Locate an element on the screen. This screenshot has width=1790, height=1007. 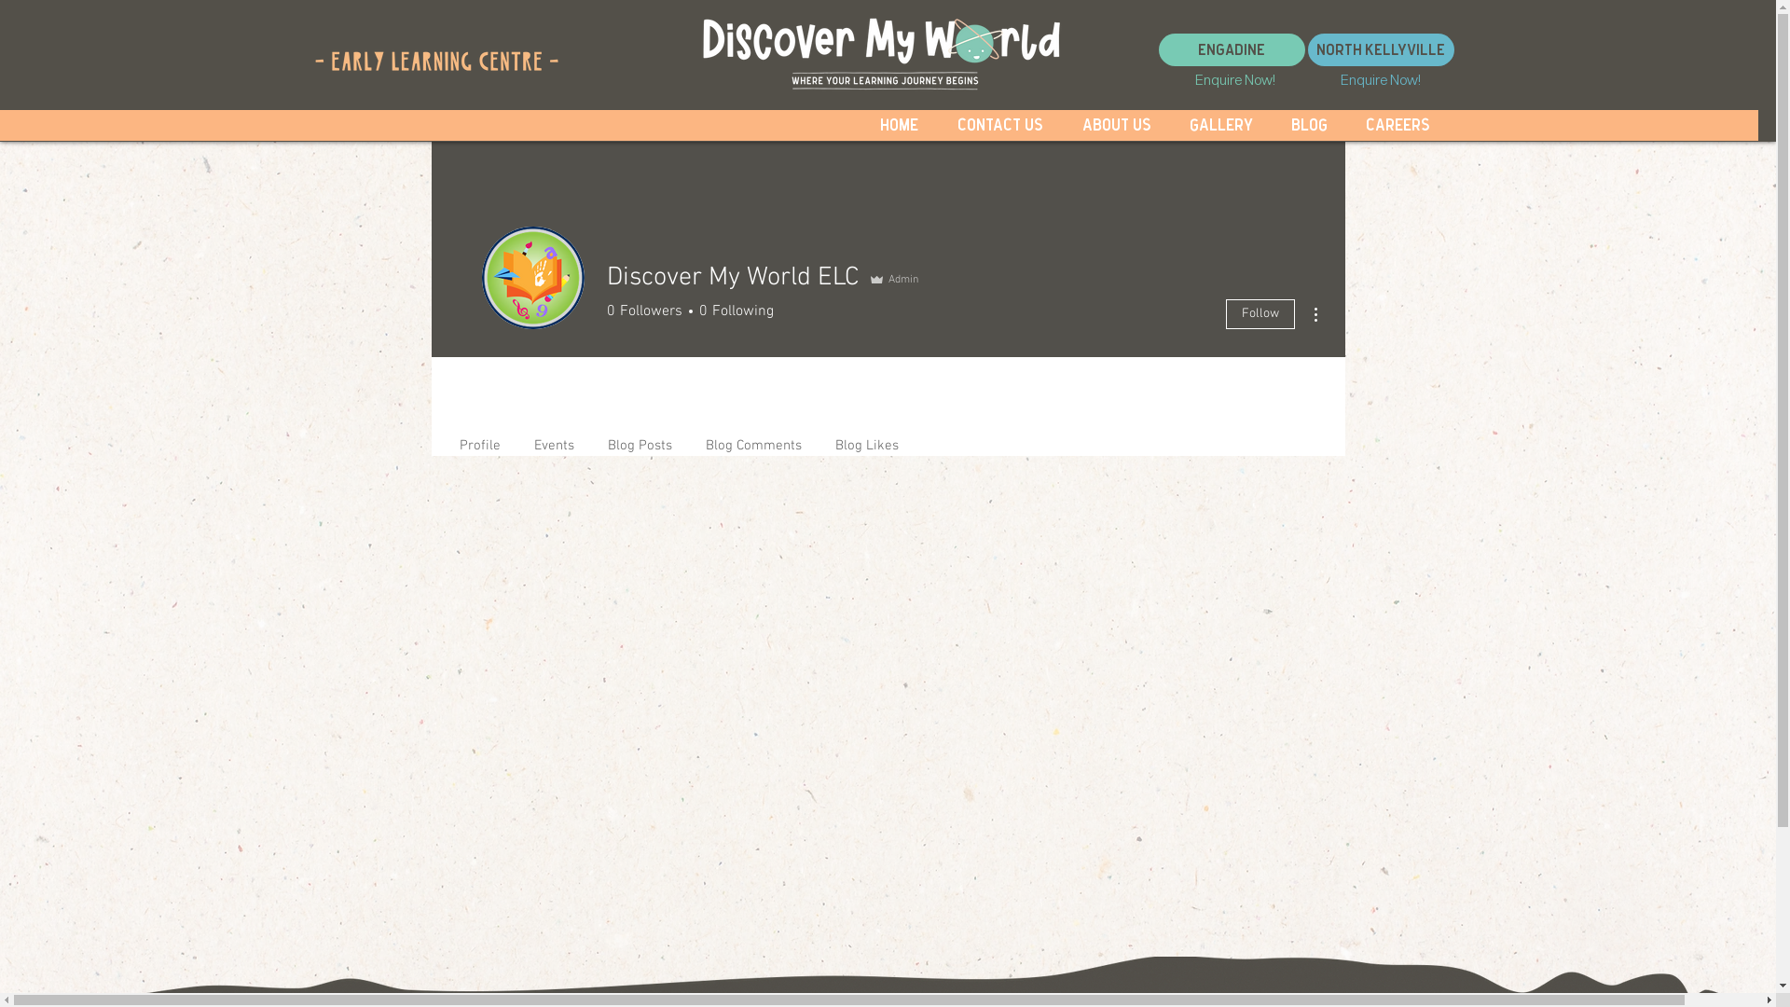
'Gallery' is located at coordinates (1221, 126).